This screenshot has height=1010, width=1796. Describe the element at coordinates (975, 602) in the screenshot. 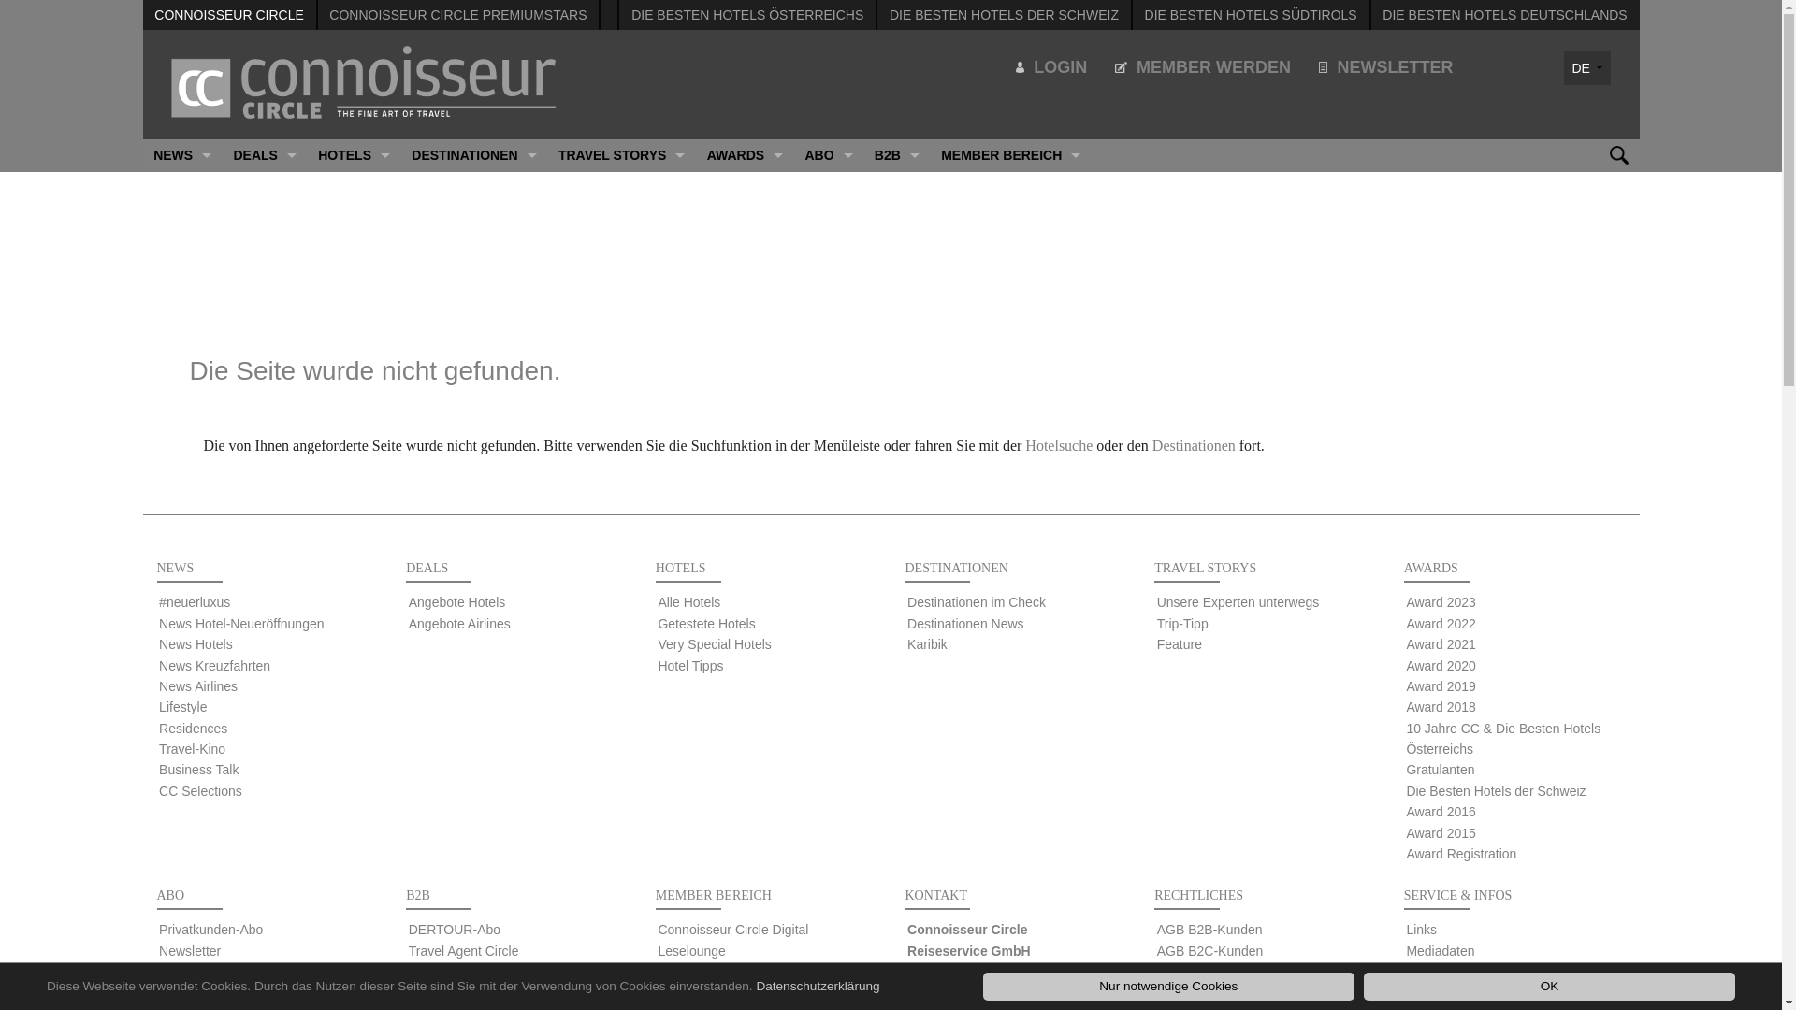

I see `'Destinationen im Check'` at that location.